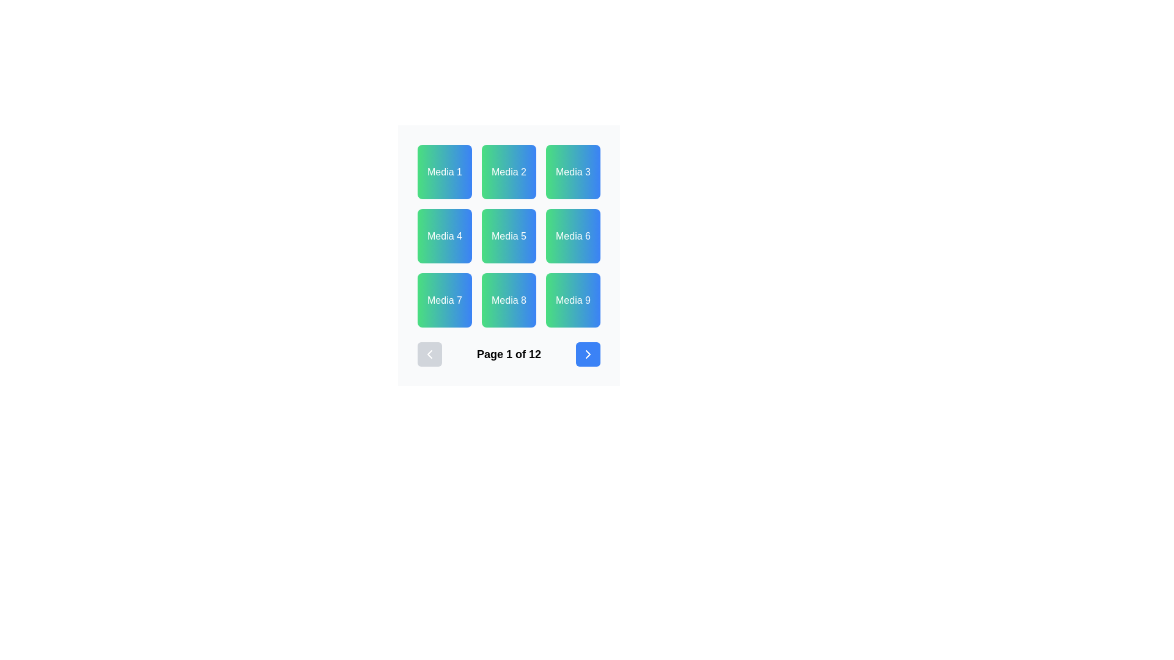 The width and height of the screenshot is (1174, 660). I want to click on the pagination label that indicates the current page and total number of pages, centrally positioned in the navigation bar below the media items, so click(509, 354).